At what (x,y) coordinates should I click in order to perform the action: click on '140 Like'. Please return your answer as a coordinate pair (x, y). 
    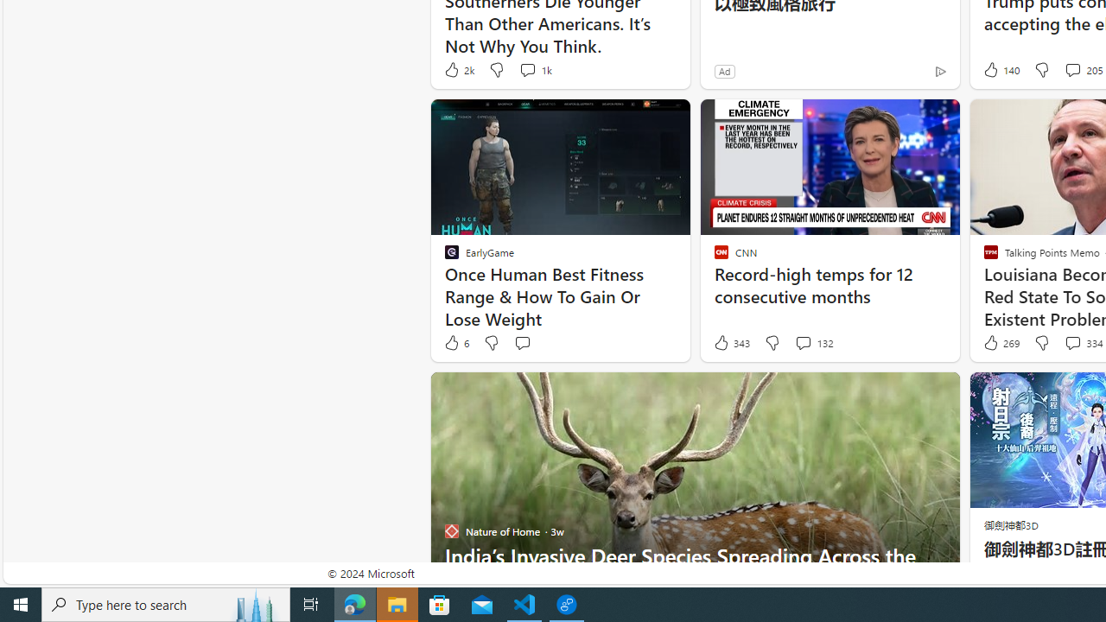
    Looking at the image, I should click on (1000, 69).